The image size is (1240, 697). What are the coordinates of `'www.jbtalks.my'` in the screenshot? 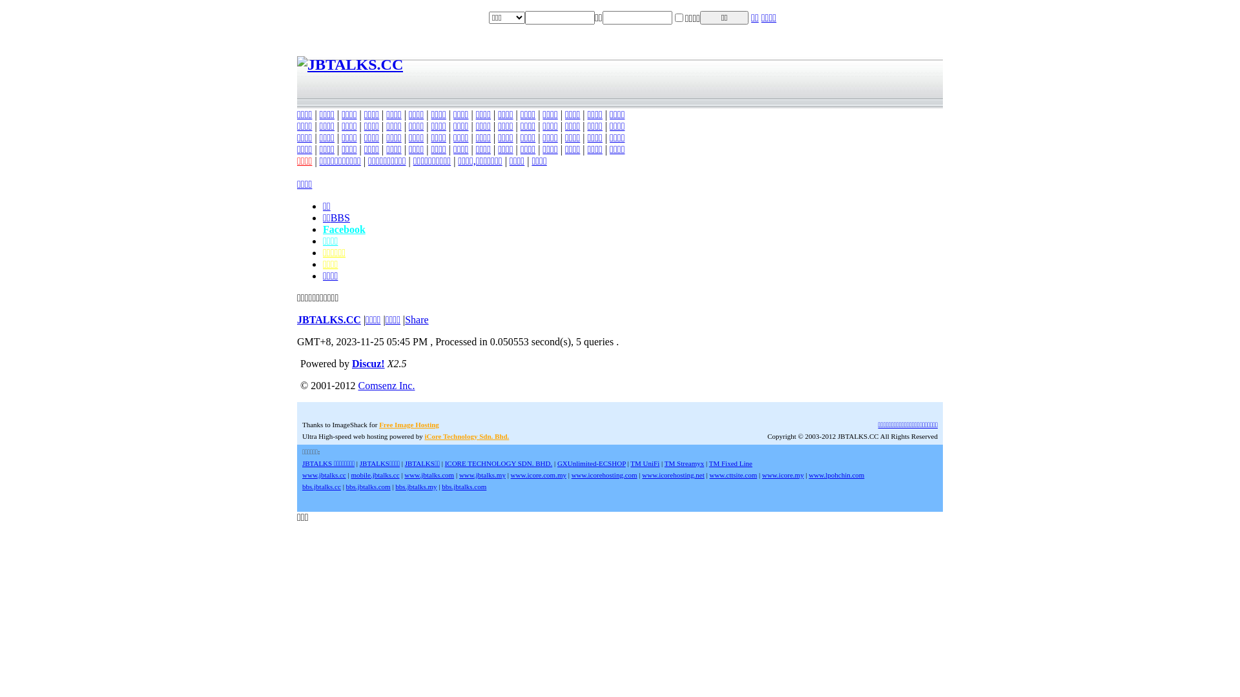 It's located at (482, 475).